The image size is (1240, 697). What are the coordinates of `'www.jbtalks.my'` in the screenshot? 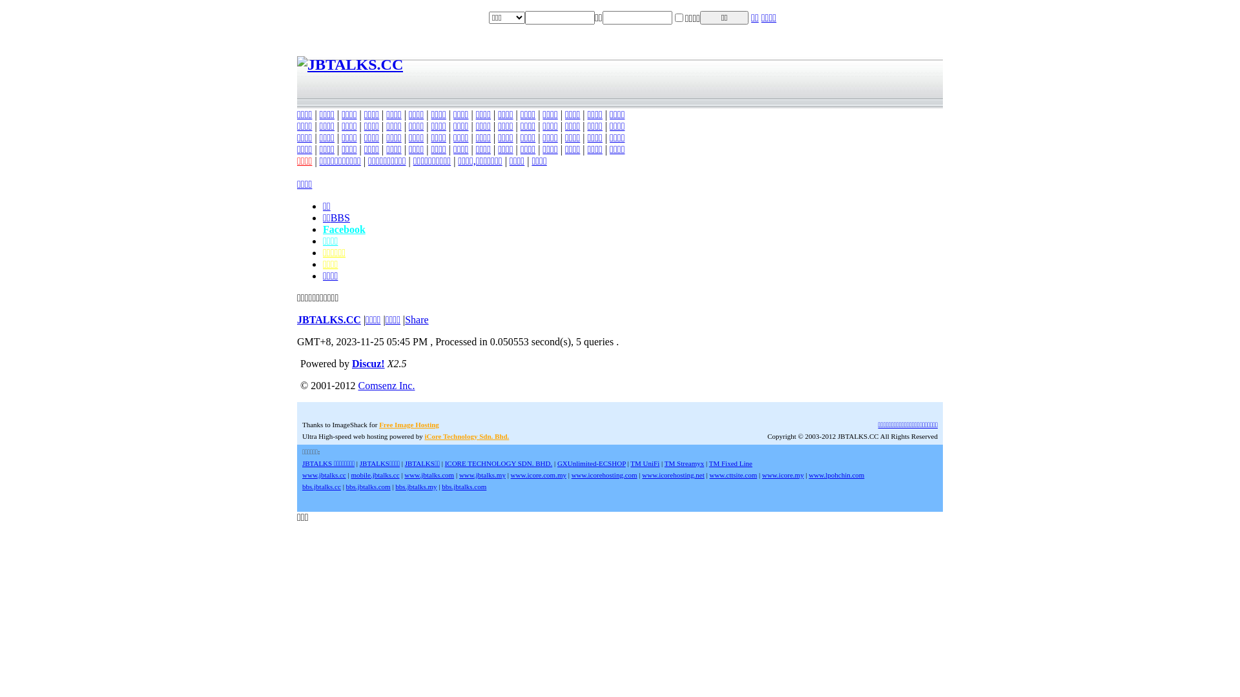 It's located at (482, 475).